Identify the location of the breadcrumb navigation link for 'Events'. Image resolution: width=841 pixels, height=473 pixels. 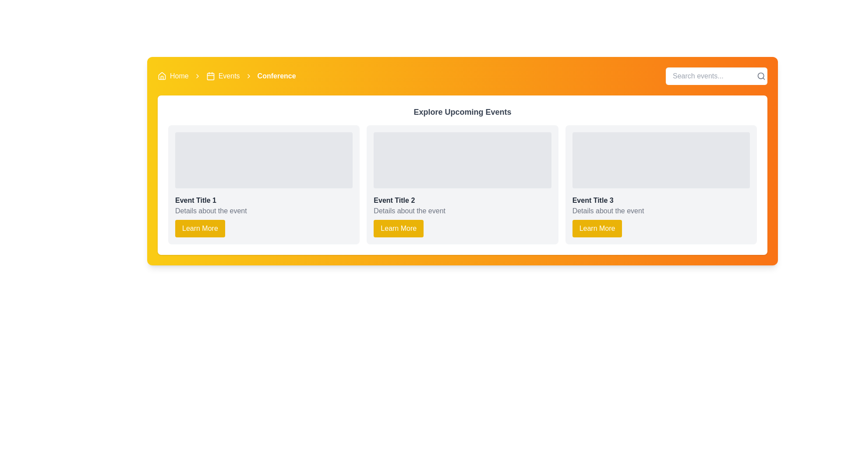
(226, 75).